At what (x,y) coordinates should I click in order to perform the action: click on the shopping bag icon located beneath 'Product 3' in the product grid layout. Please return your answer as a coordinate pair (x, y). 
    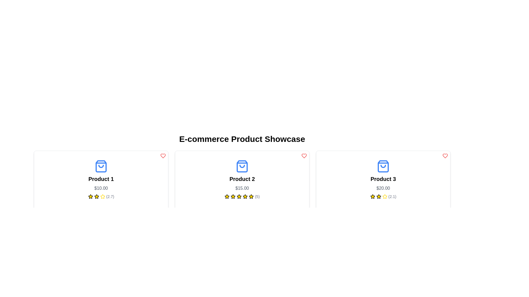
    Looking at the image, I should click on (383, 166).